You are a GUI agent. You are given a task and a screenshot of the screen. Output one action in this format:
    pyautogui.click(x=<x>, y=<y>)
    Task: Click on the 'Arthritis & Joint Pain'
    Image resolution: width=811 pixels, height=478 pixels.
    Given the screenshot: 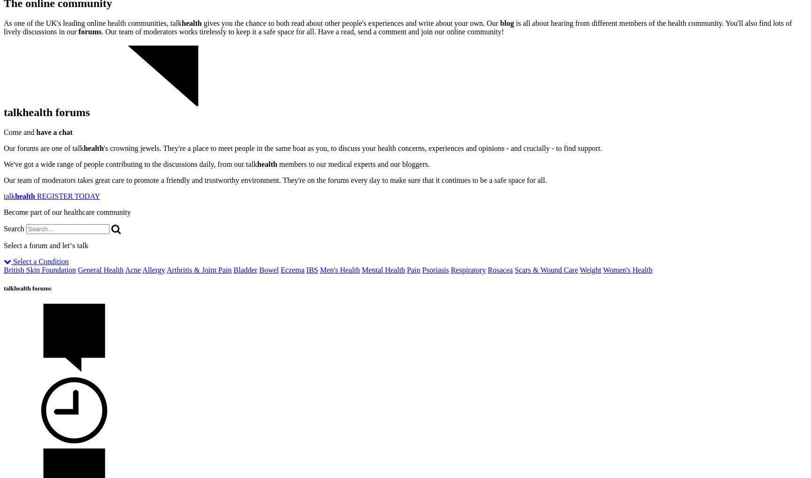 What is the action you would take?
    pyautogui.click(x=199, y=269)
    